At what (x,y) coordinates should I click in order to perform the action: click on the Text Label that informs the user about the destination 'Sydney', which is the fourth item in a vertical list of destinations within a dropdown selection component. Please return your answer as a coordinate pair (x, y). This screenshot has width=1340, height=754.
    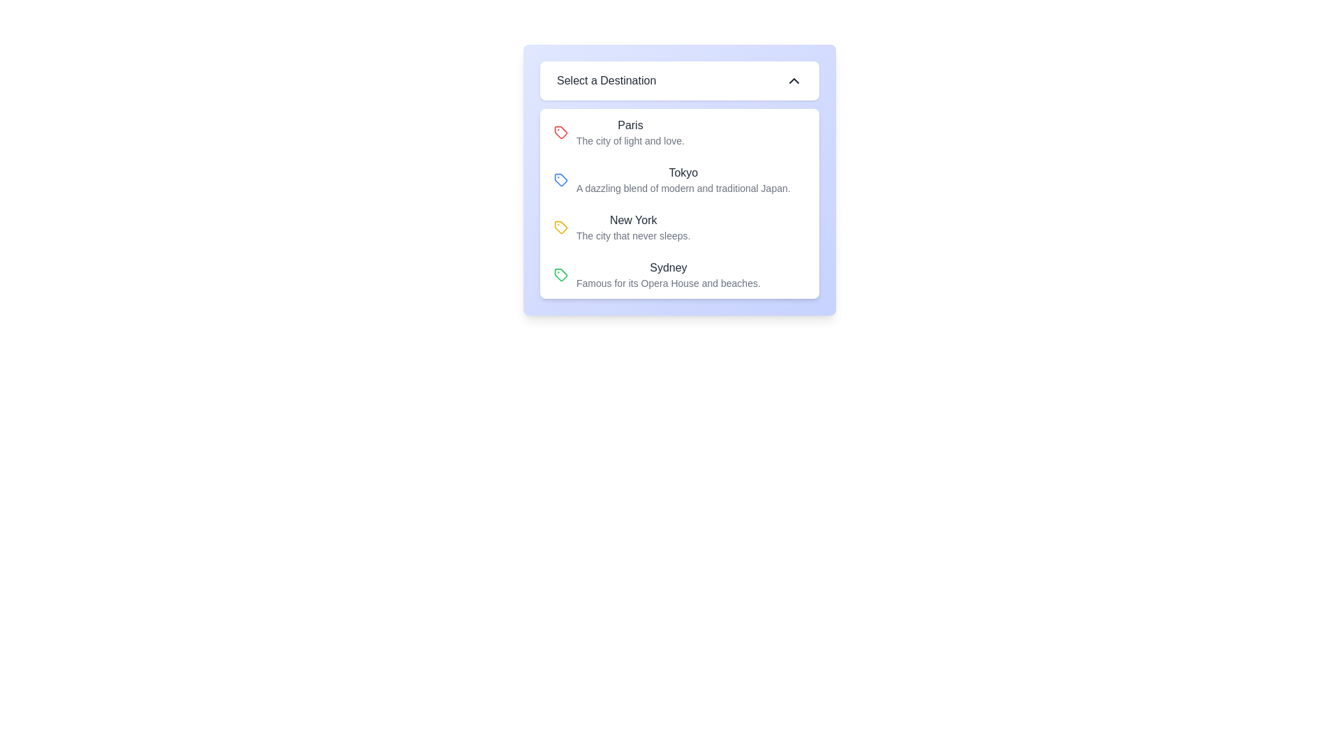
    Looking at the image, I should click on (667, 274).